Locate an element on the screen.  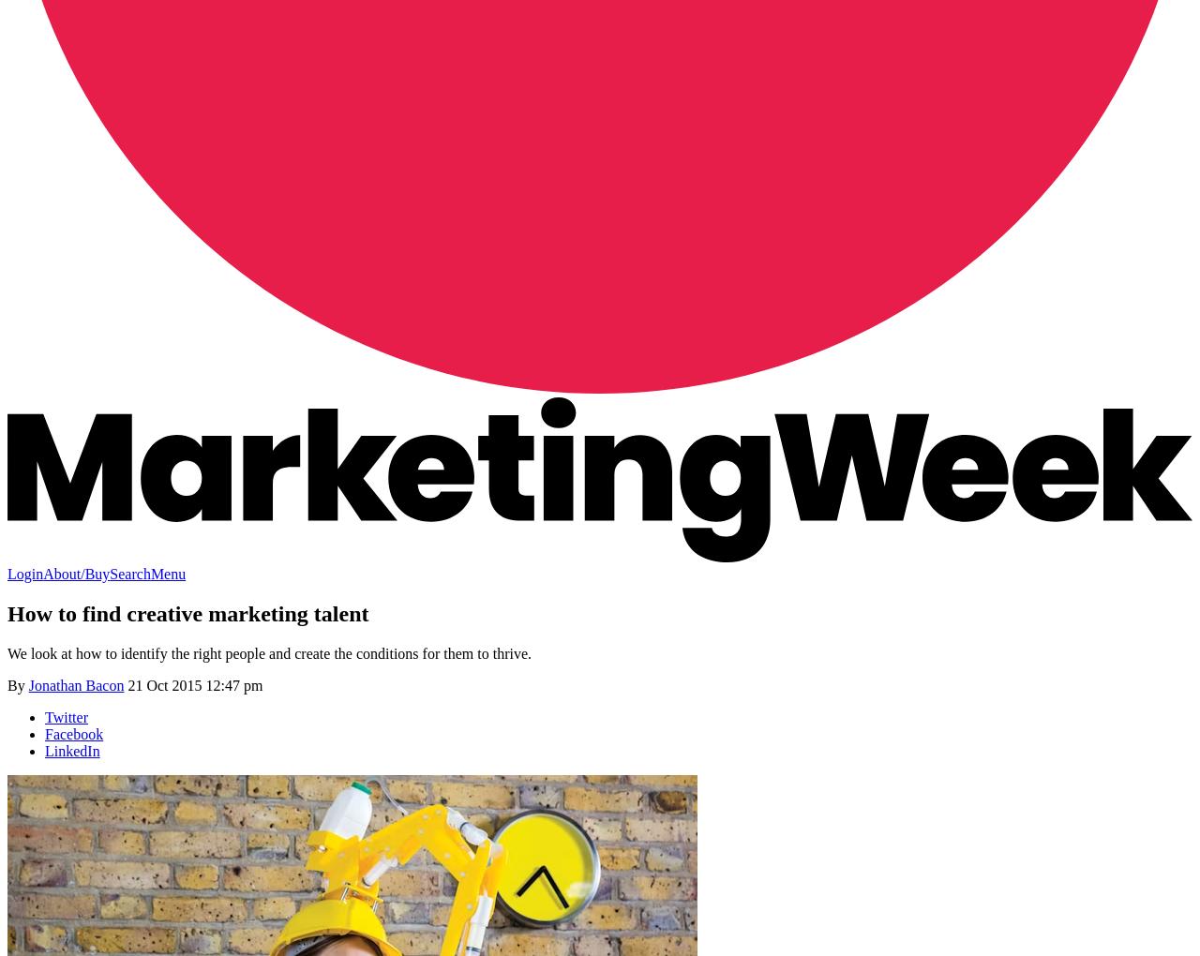
'How to find creative marketing talent' is located at coordinates (7, 613).